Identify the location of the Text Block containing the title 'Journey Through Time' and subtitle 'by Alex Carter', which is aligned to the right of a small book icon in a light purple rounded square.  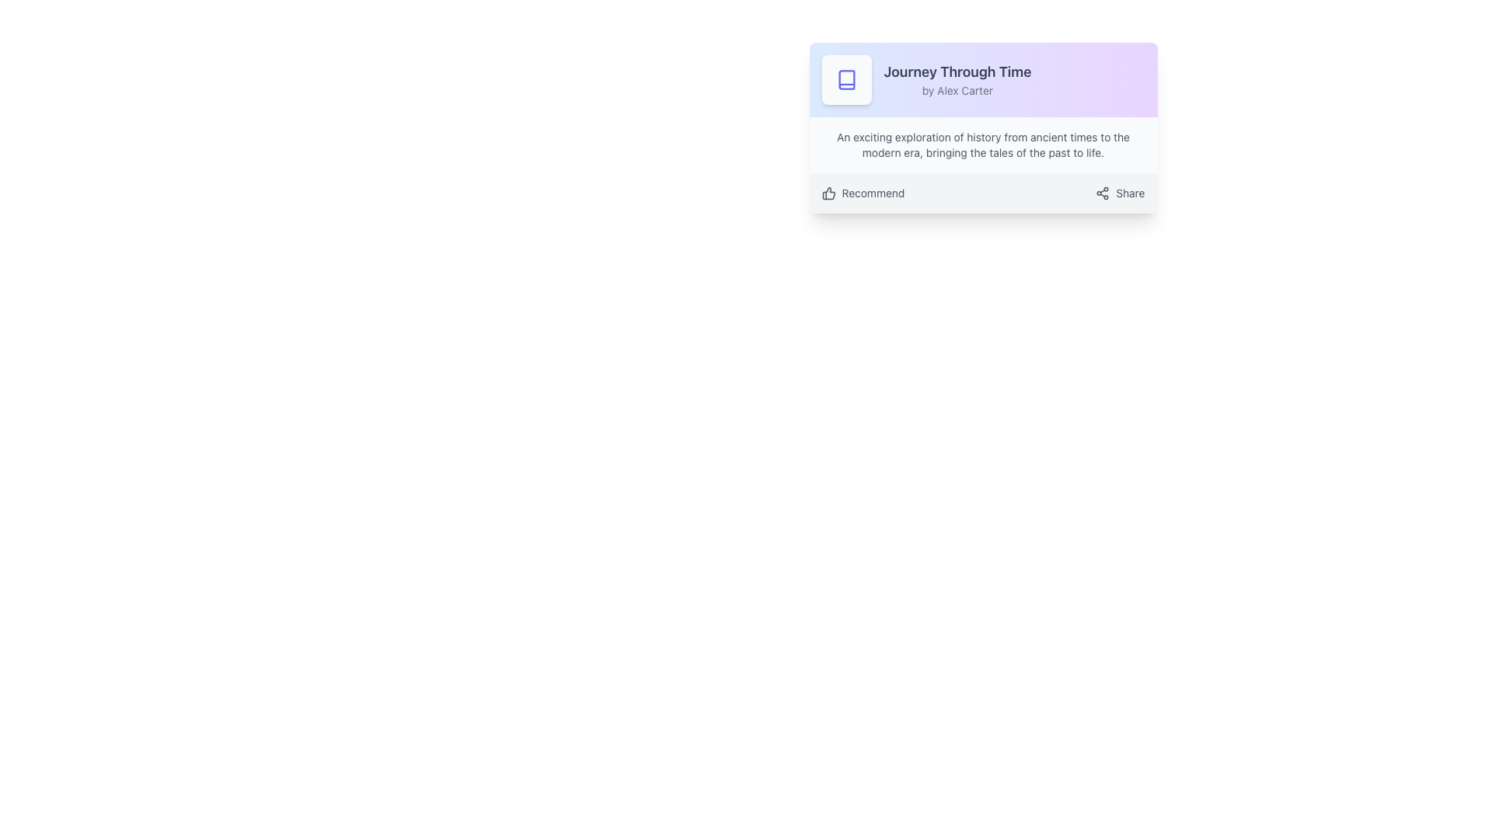
(982, 80).